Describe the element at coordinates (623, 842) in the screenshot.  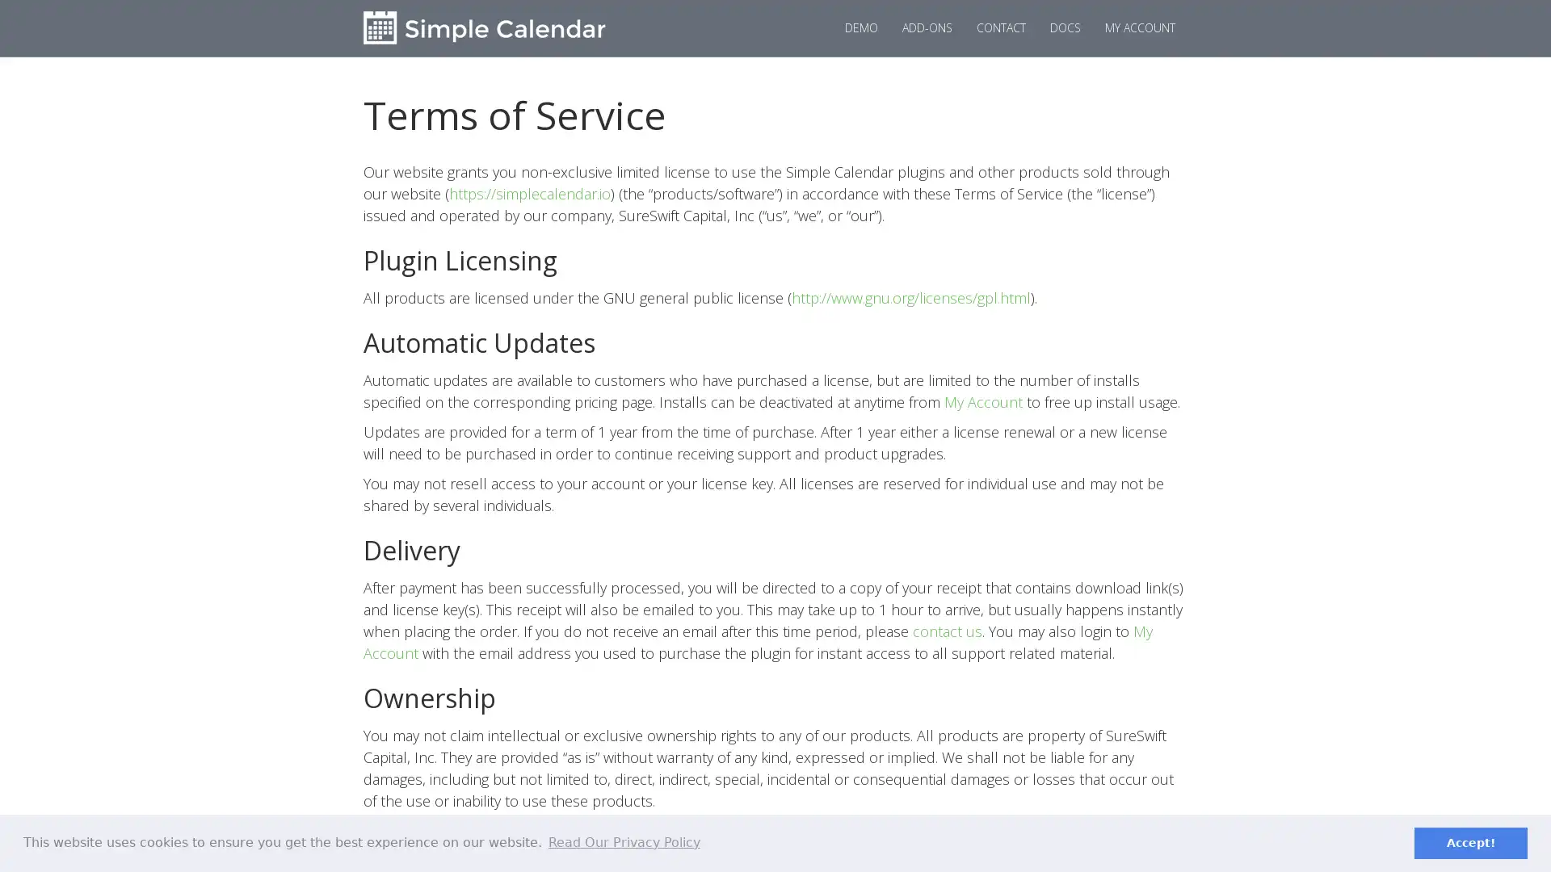
I see `learn more about cookies` at that location.